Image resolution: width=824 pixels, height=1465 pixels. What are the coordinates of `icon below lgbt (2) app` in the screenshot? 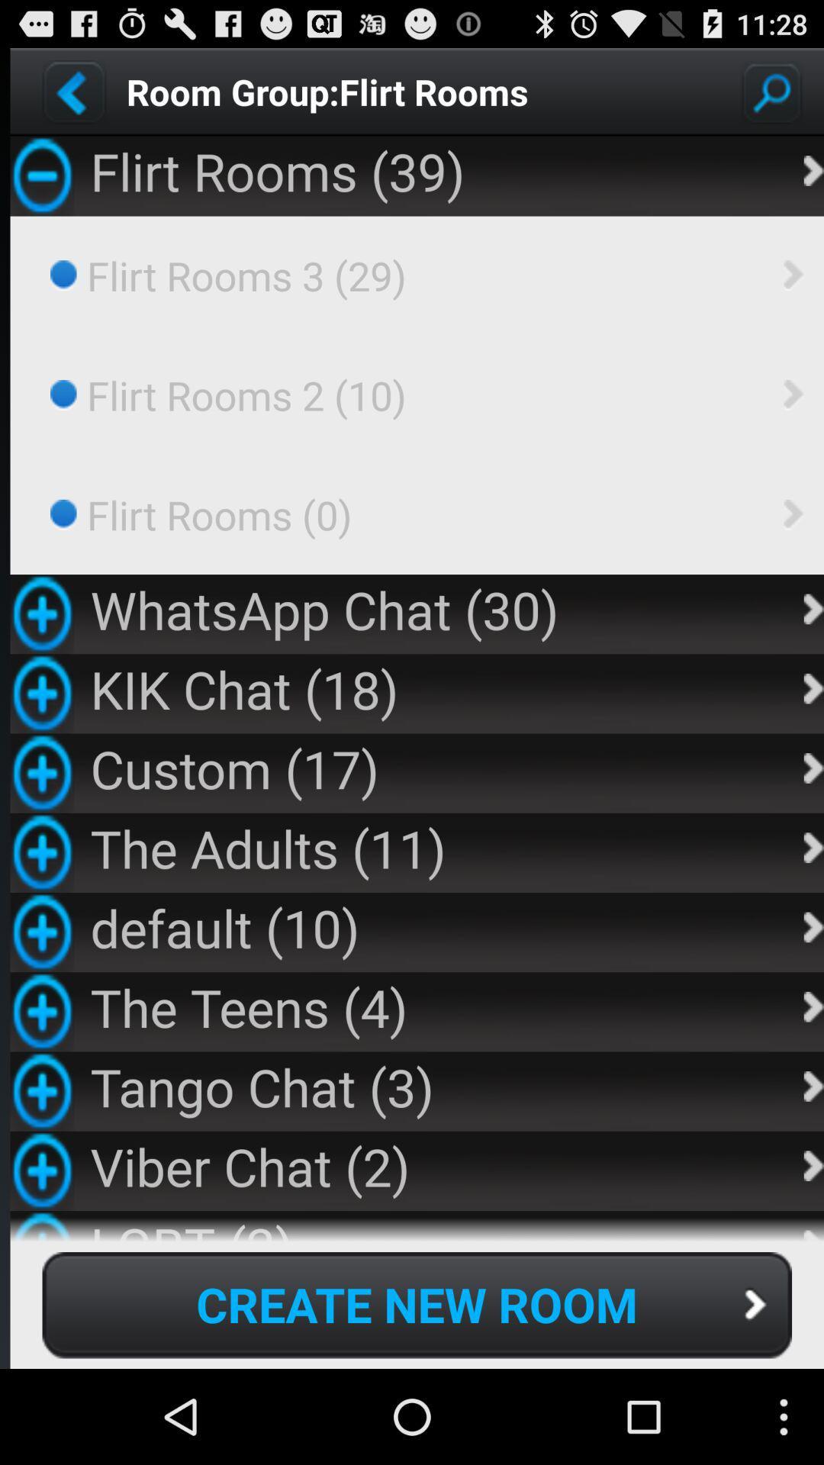 It's located at (417, 1304).